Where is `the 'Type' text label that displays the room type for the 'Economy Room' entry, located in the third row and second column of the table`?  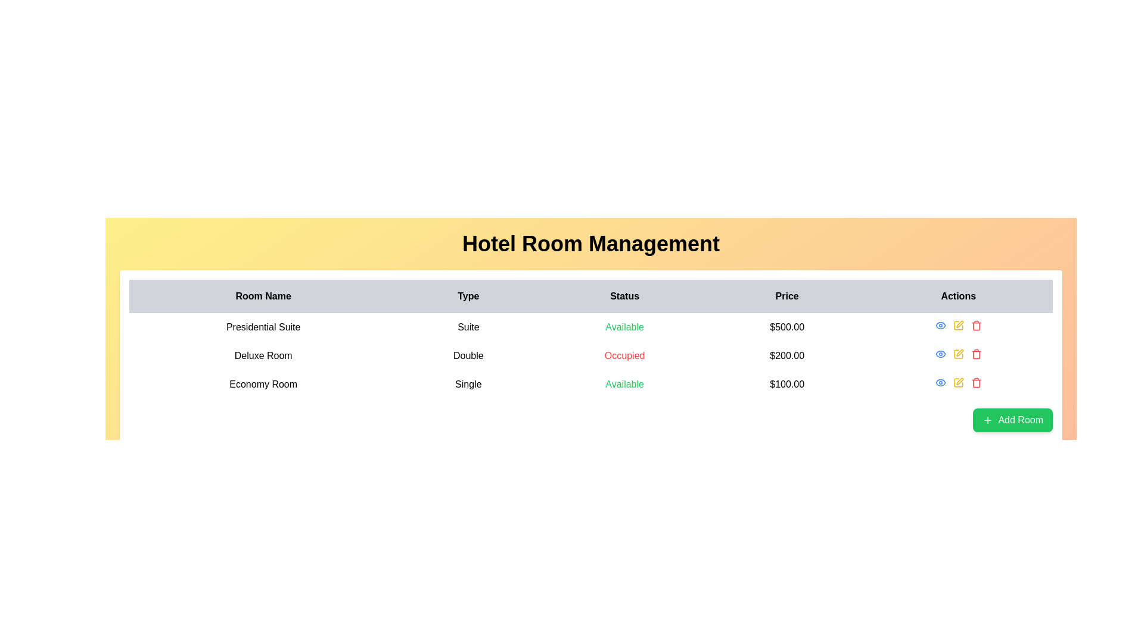 the 'Type' text label that displays the room type for the 'Economy Room' entry, located in the third row and second column of the table is located at coordinates (468, 384).